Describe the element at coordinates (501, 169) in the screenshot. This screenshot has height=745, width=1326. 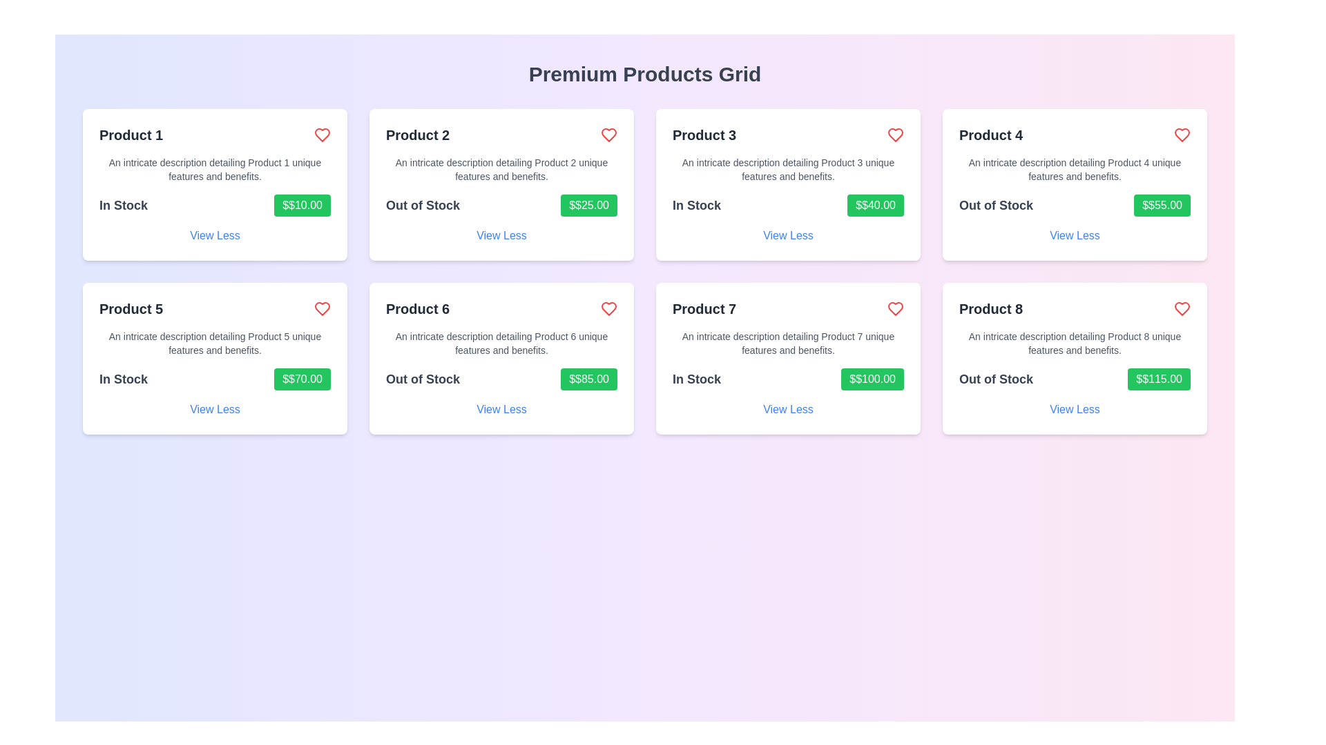
I see `descriptive text block providing information about 'Product 2', which is located centrally in the card below the title and above the 'Out of Stock' and price text` at that location.